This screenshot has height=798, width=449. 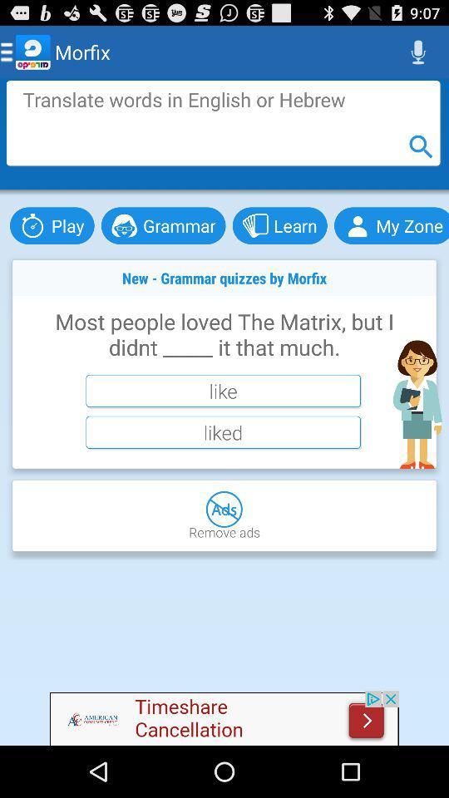 What do you see at coordinates (223, 122) in the screenshot?
I see `word to translate` at bounding box center [223, 122].